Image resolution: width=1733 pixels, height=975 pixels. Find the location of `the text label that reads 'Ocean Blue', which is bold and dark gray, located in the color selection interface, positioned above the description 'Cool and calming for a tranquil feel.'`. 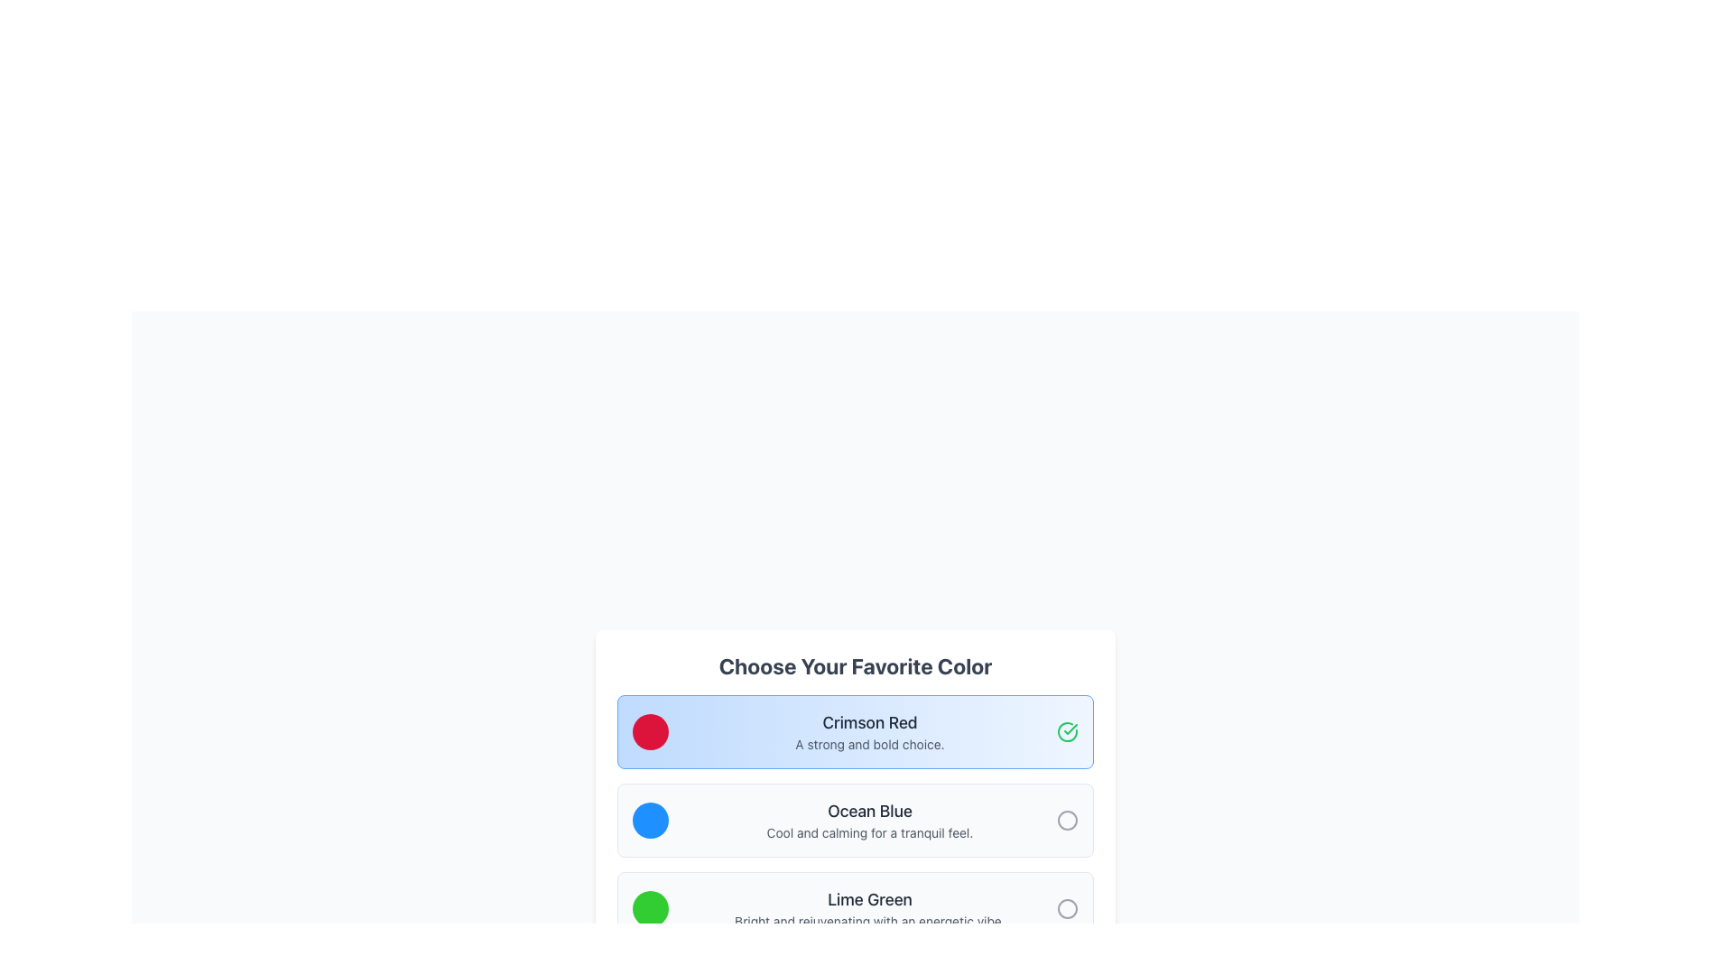

the text label that reads 'Ocean Blue', which is bold and dark gray, located in the color selection interface, positioned above the description 'Cool and calming for a tranquil feel.' is located at coordinates (870, 810).